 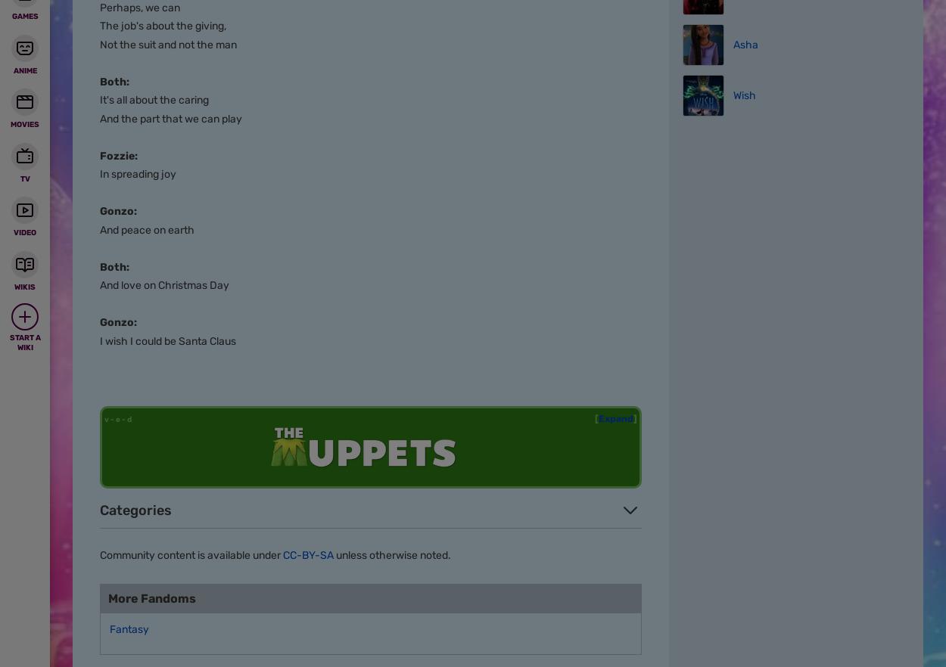 I want to click on 'Explore properties', so click(x=176, y=32).